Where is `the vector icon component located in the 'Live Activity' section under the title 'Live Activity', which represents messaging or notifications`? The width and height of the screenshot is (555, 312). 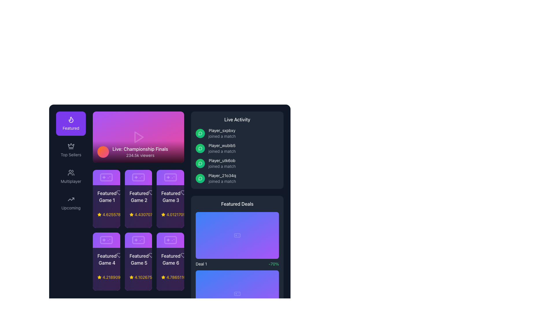 the vector icon component located in the 'Live Activity' section under the title 'Live Activity', which represents messaging or notifications is located at coordinates (200, 148).